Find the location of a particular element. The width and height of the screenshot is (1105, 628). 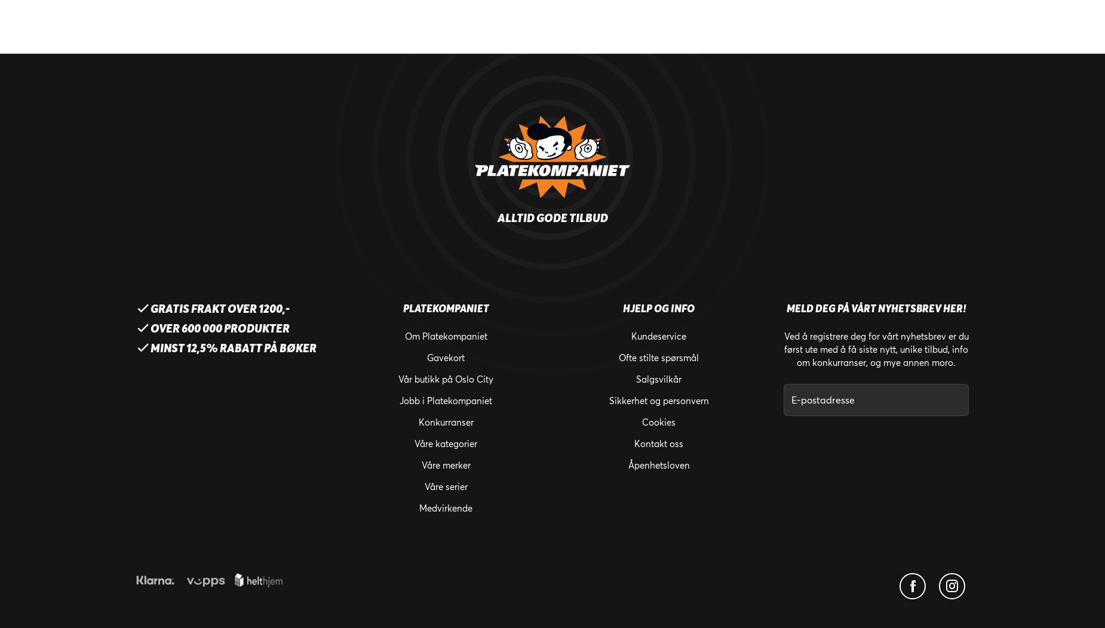

'Gavekort' is located at coordinates (446, 357).